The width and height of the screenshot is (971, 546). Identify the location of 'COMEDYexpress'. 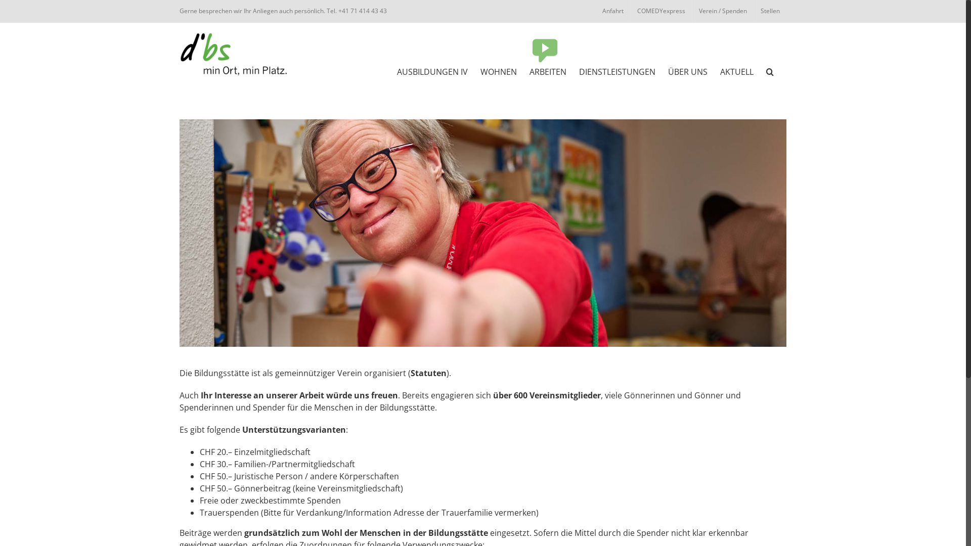
(630, 11).